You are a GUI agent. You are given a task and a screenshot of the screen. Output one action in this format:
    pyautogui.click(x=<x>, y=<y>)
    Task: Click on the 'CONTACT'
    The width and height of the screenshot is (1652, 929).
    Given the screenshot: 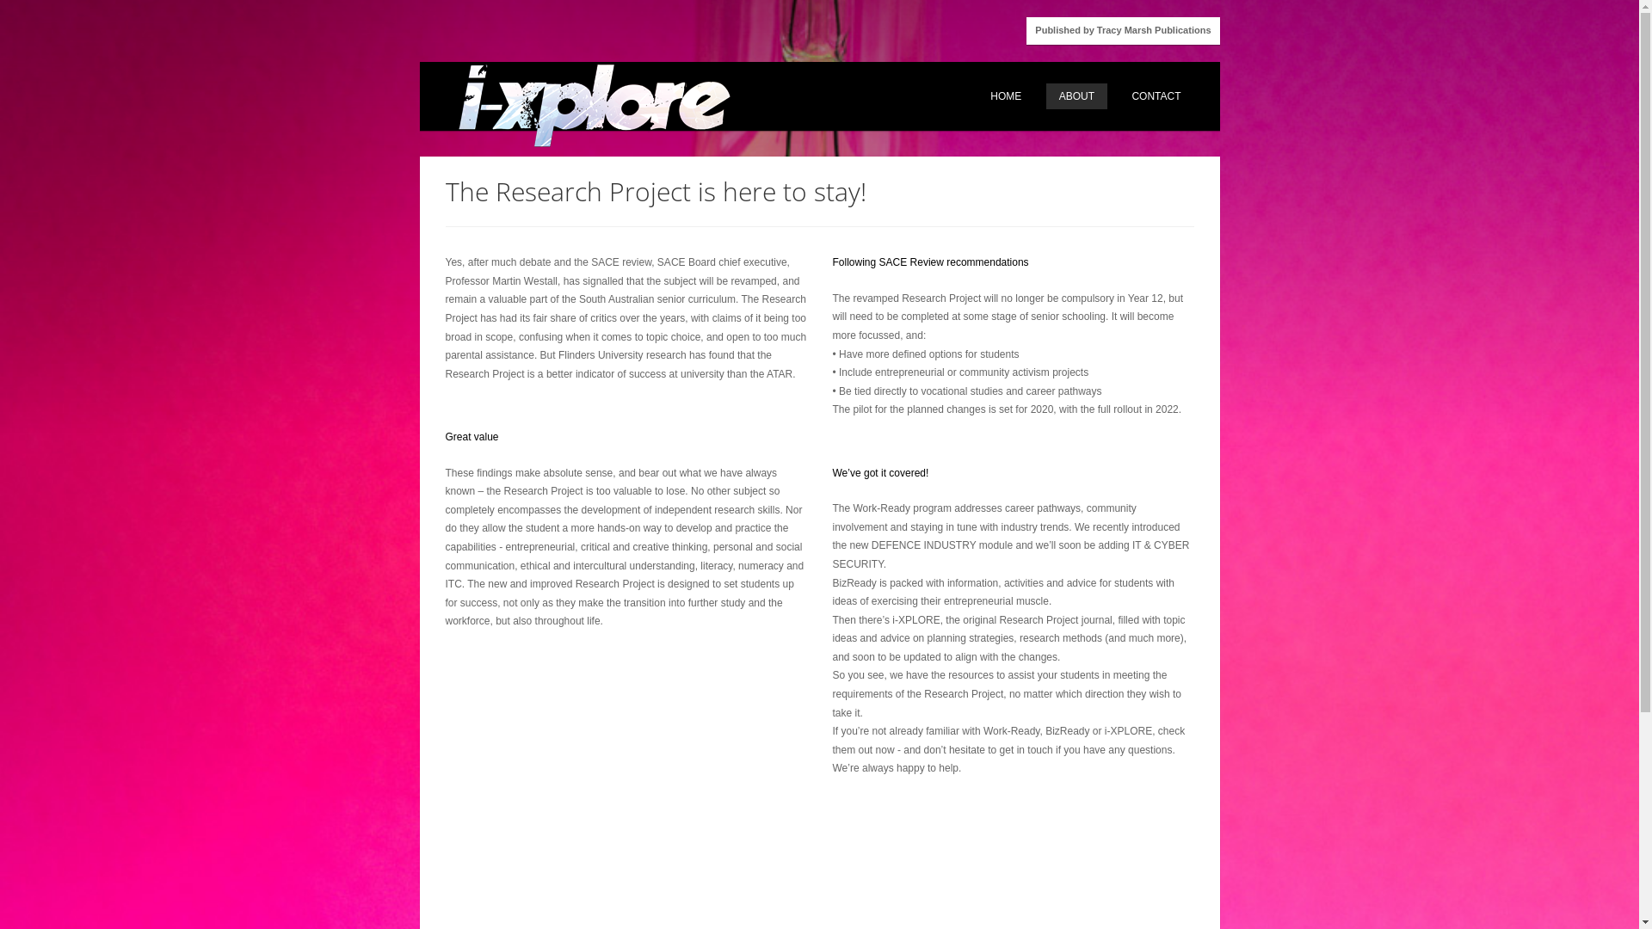 What is the action you would take?
    pyautogui.click(x=1156, y=95)
    